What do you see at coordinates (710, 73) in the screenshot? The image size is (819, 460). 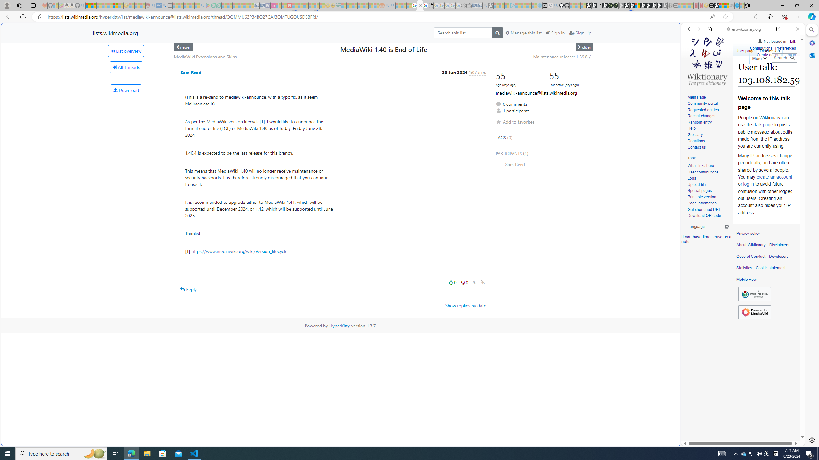 I see `'Search Filter, IMAGES'` at bounding box center [710, 73].